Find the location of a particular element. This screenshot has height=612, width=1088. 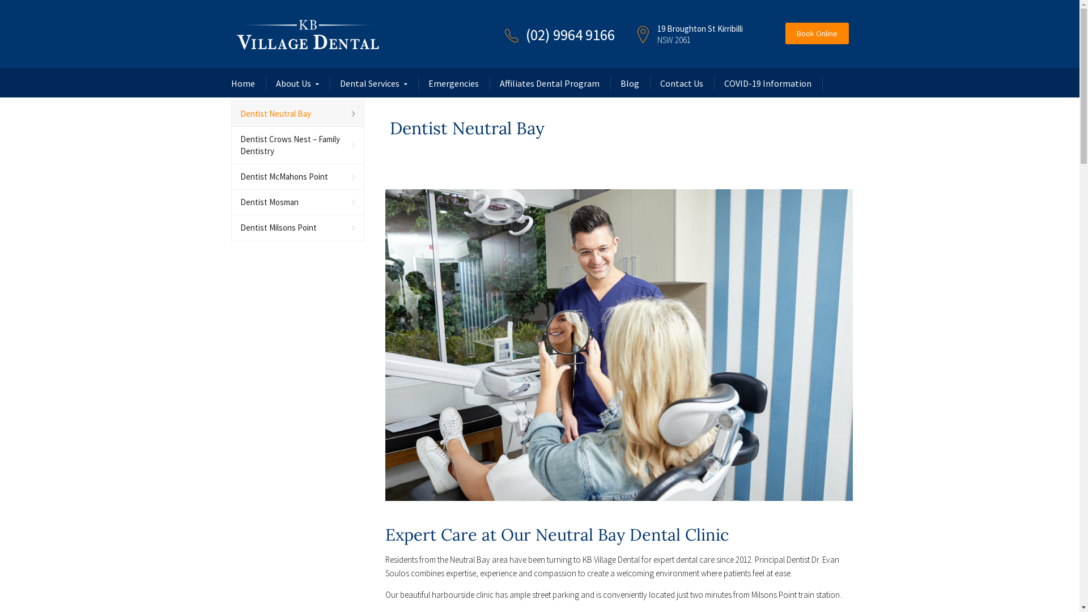

'Affiliates Dental Program' is located at coordinates (499, 82).